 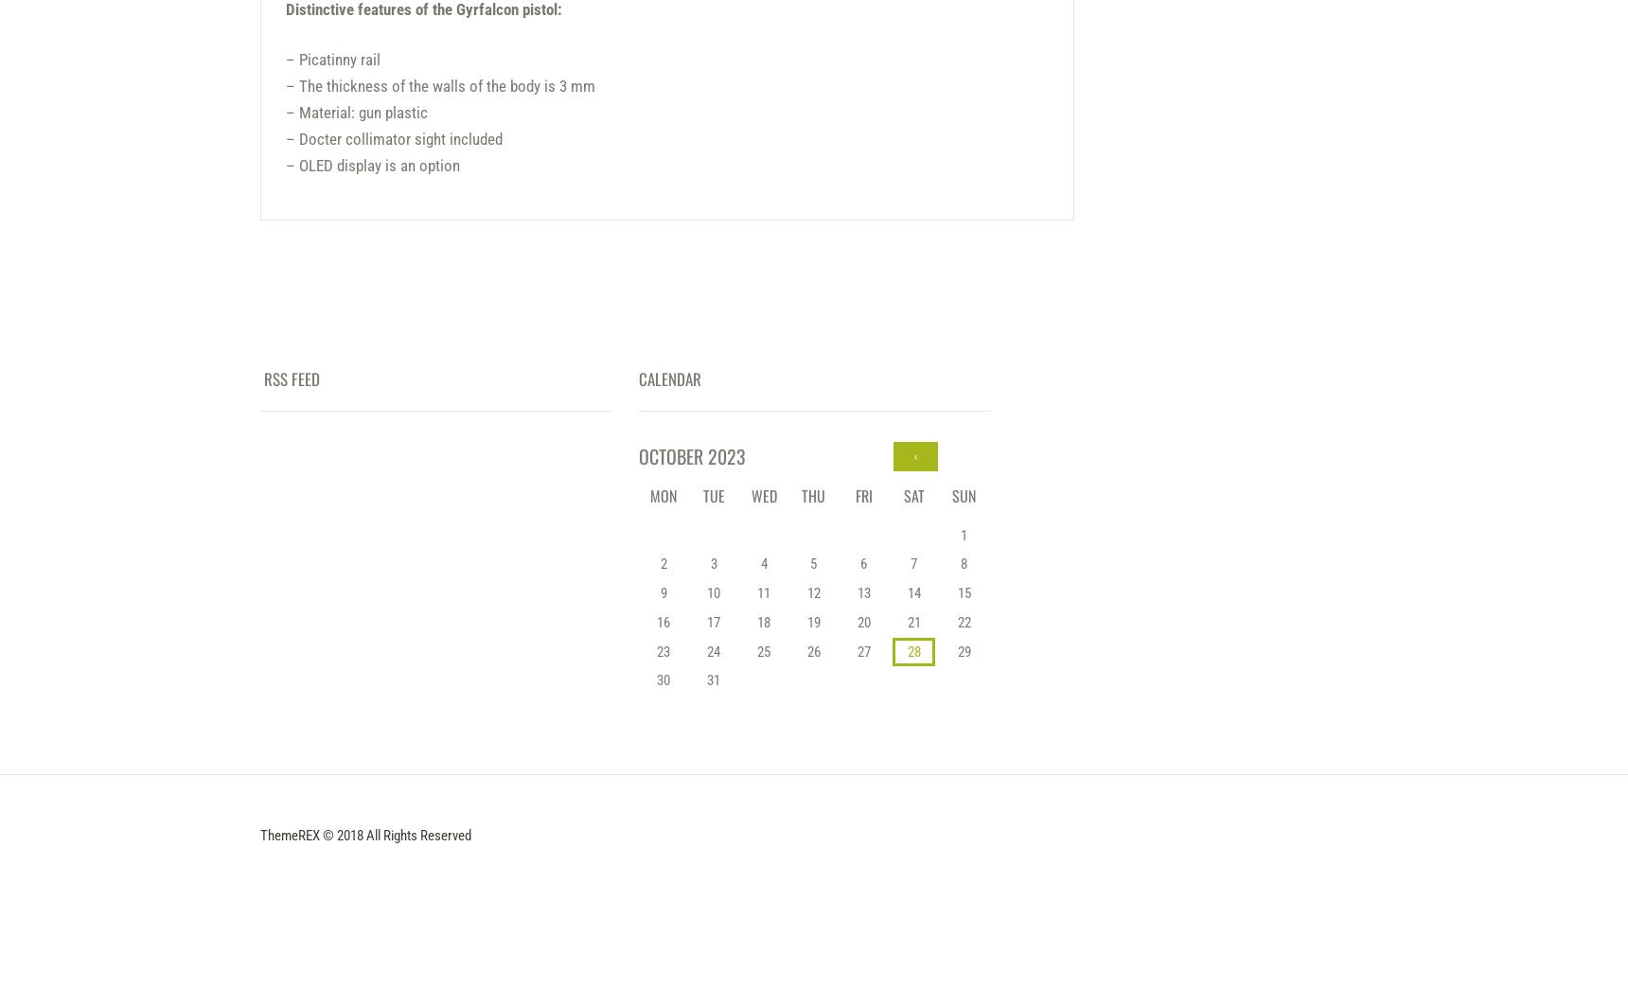 What do you see at coordinates (963, 564) in the screenshot?
I see `'8'` at bounding box center [963, 564].